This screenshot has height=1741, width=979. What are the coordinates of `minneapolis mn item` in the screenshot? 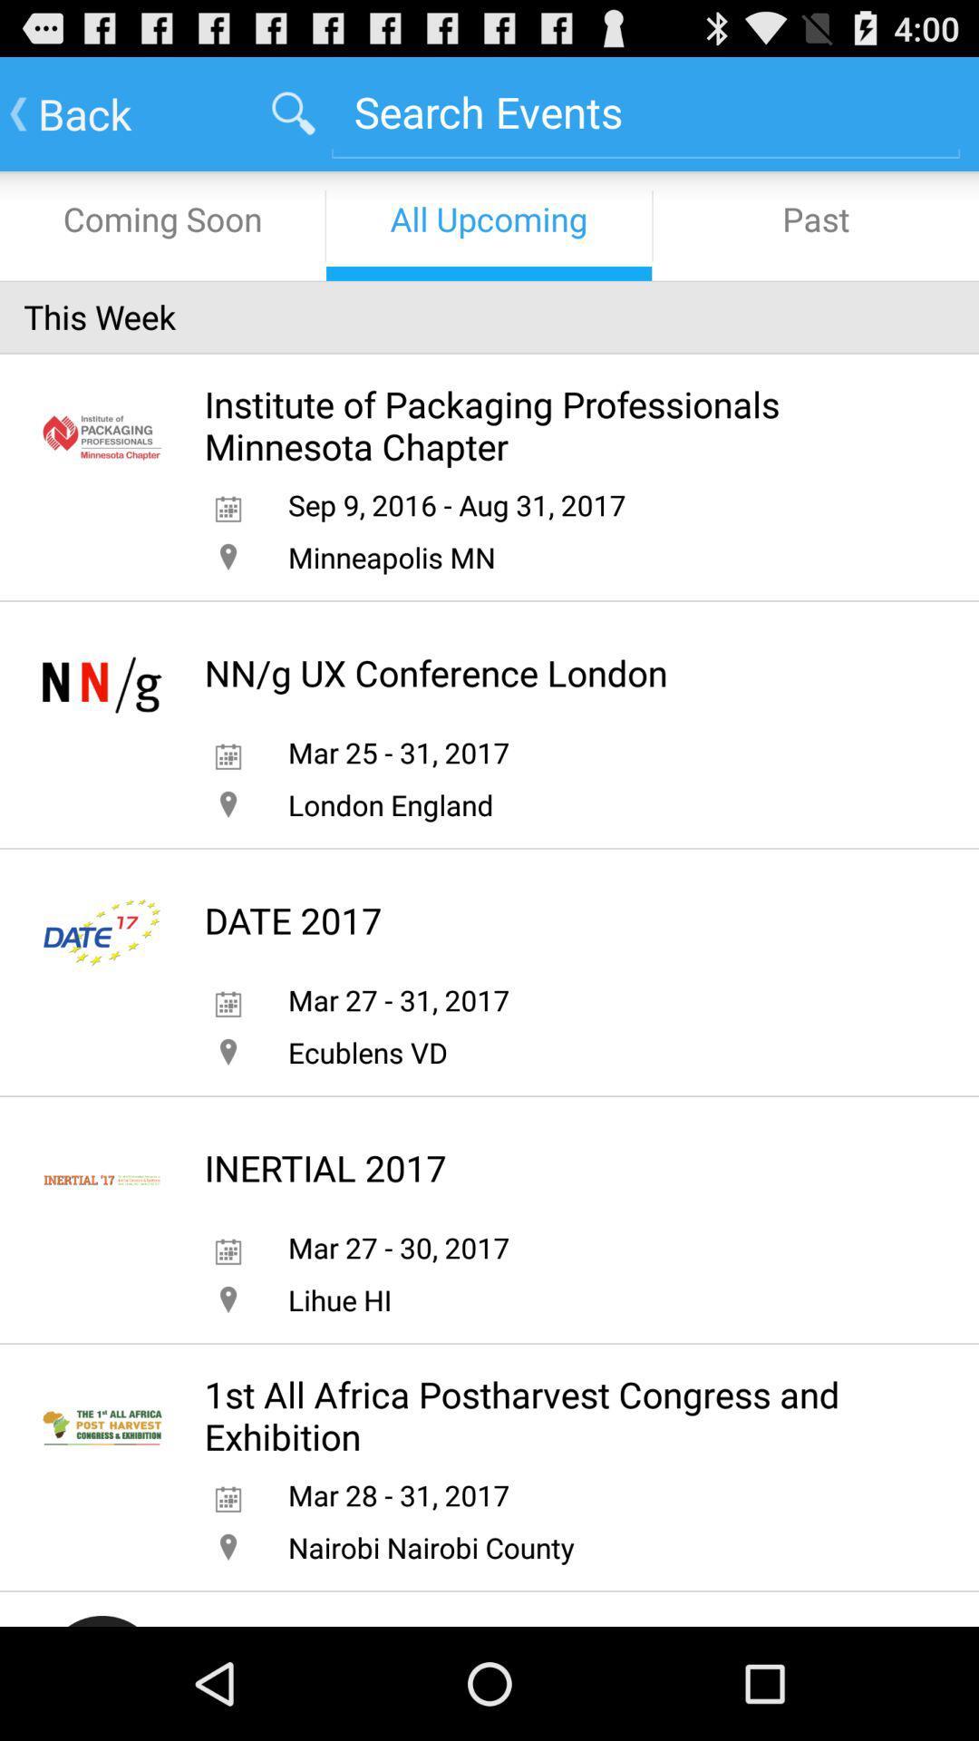 It's located at (391, 556).